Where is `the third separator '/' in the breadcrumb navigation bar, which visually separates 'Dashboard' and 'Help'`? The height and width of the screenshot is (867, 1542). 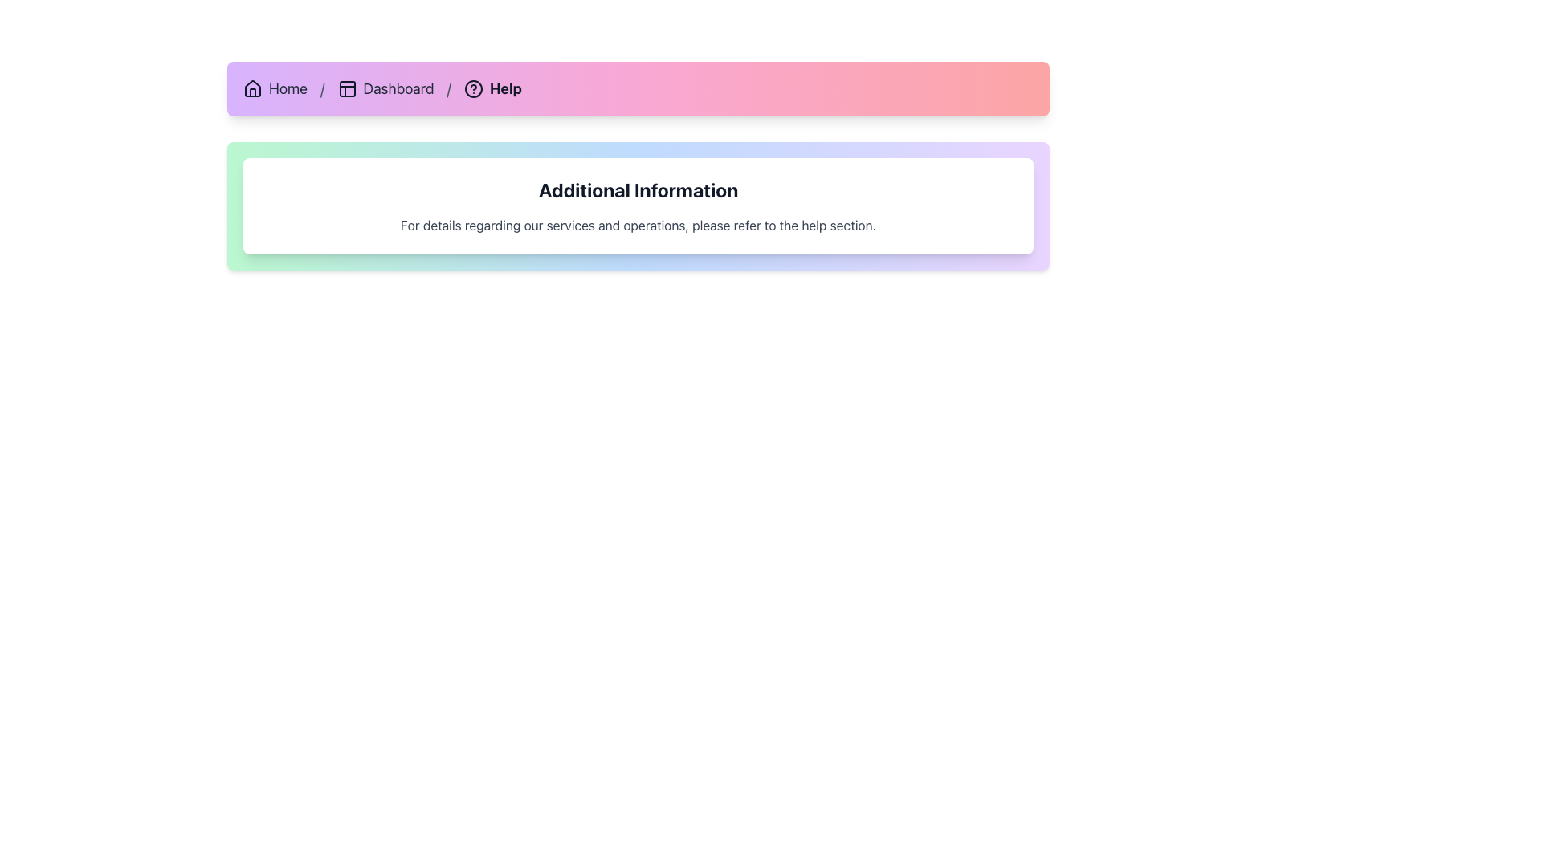
the third separator '/' in the breadcrumb navigation bar, which visually separates 'Dashboard' and 'Help' is located at coordinates (449, 89).